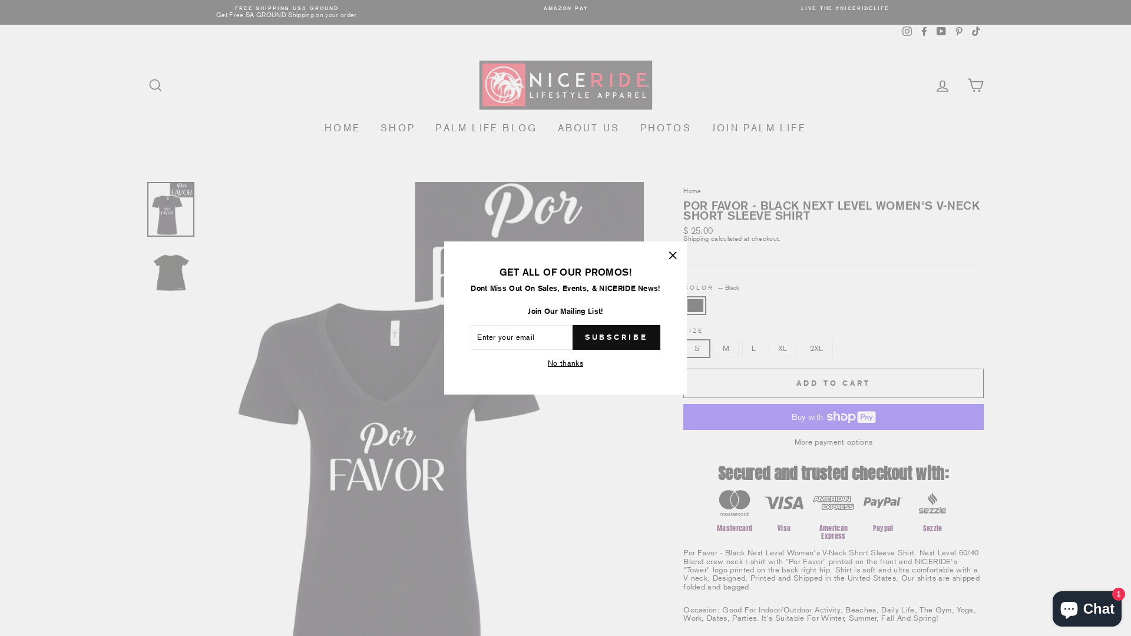 The image size is (1131, 636). What do you see at coordinates (544, 363) in the screenshot?
I see `'No thanks'` at bounding box center [544, 363].